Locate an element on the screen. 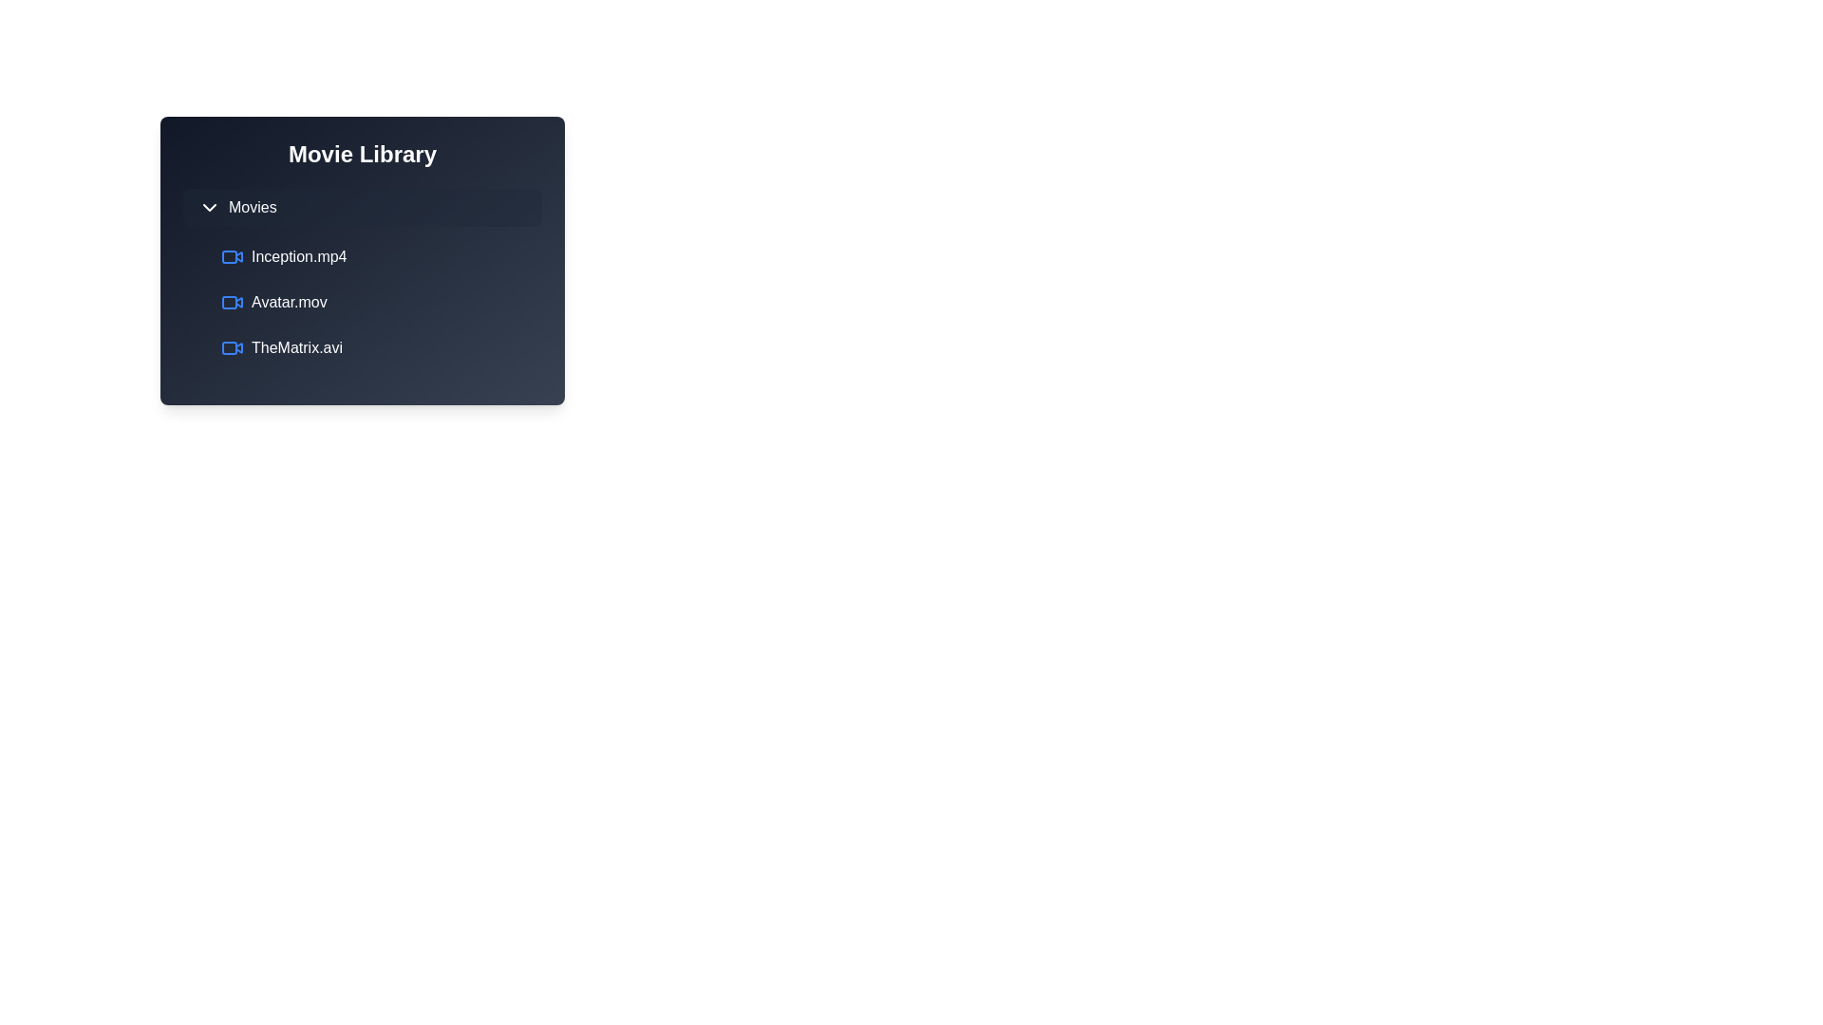  the movie item TheMatrix.avi from the list is located at coordinates (378, 347).